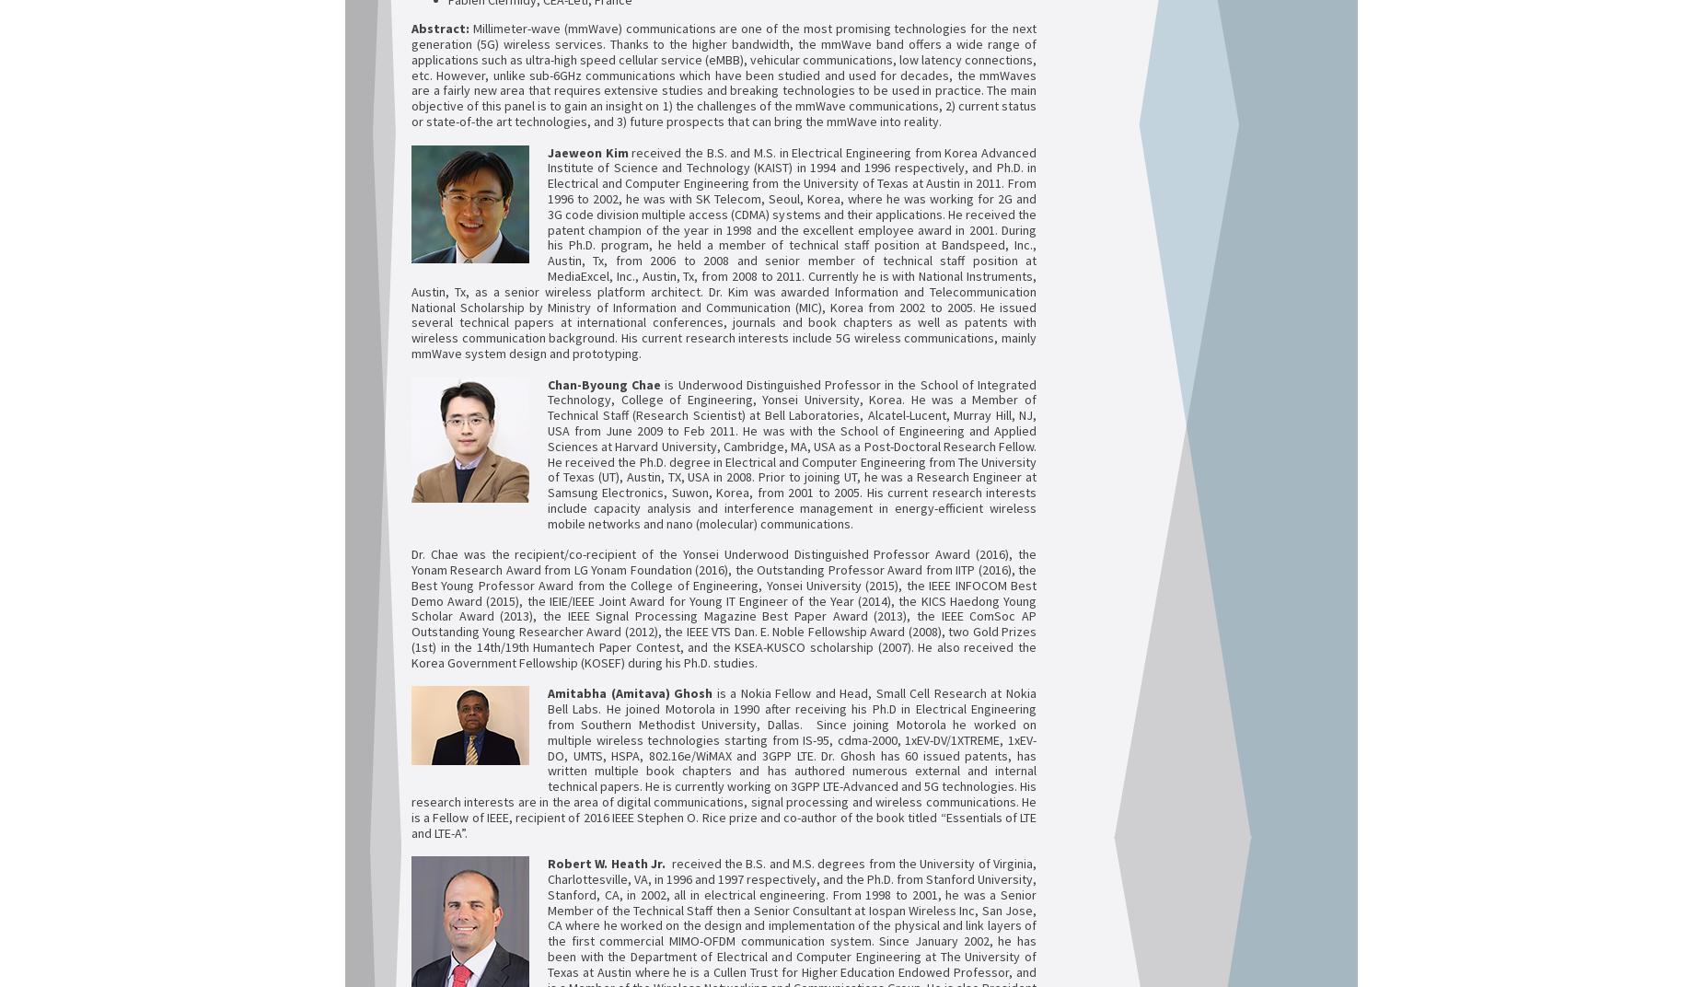  What do you see at coordinates (604, 383) in the screenshot?
I see `'Chan-Byoung Chae'` at bounding box center [604, 383].